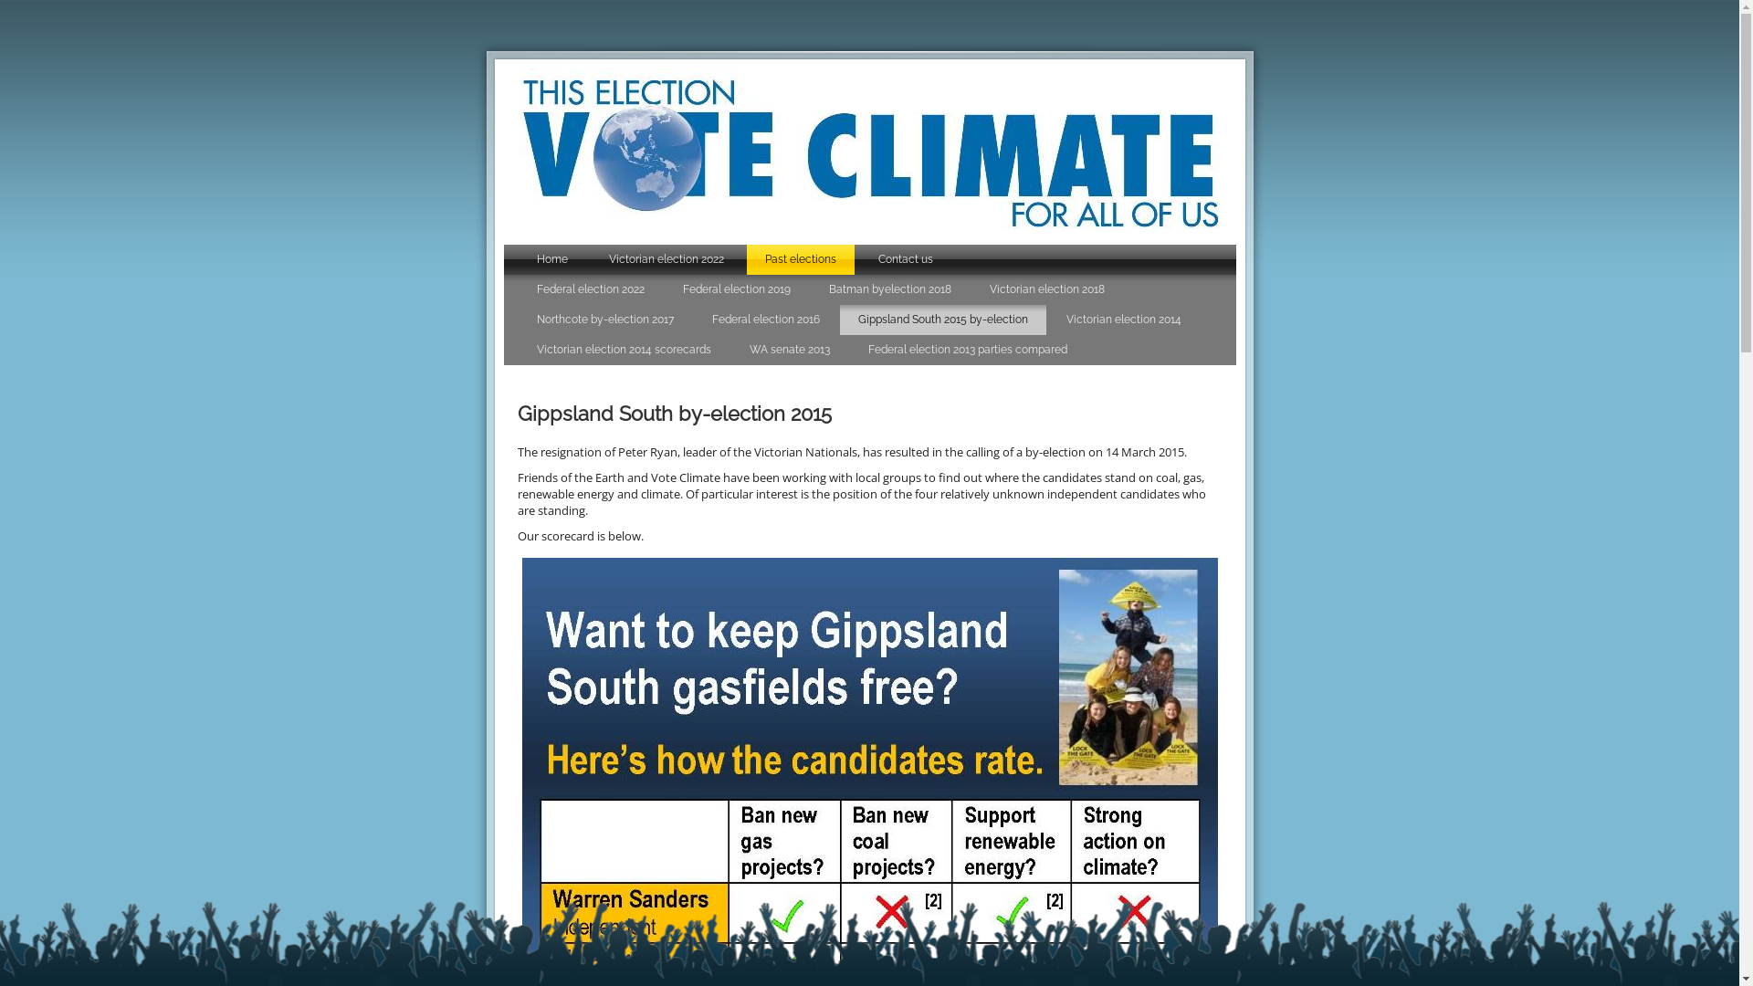 Image resolution: width=1753 pixels, height=986 pixels. What do you see at coordinates (1047, 288) in the screenshot?
I see `'Victorian election 2018'` at bounding box center [1047, 288].